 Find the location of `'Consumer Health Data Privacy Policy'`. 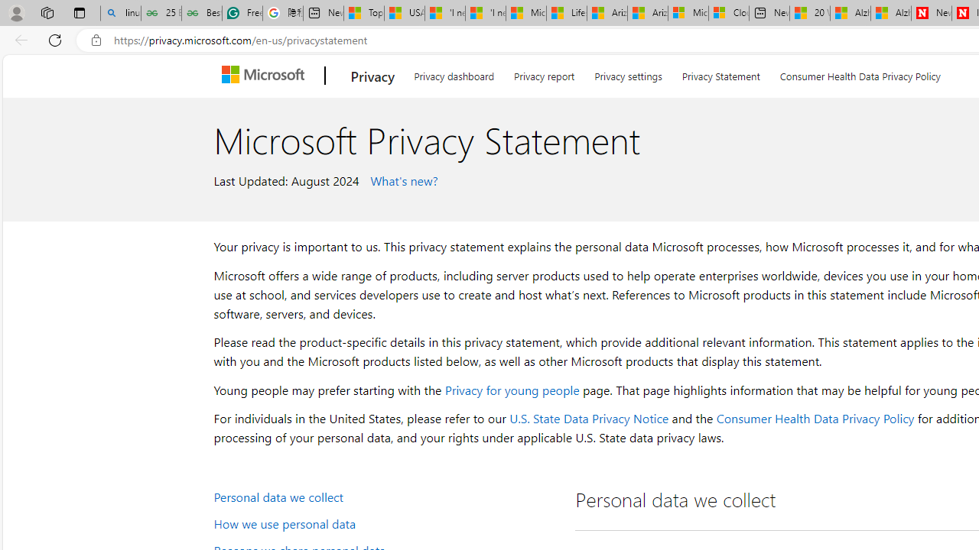

'Consumer Health Data Privacy Policy' is located at coordinates (814, 418).